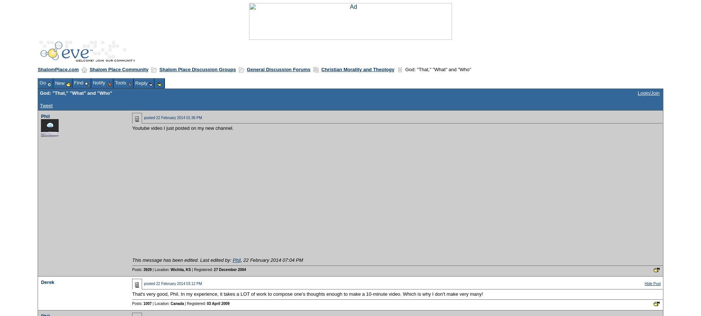 The height and width of the screenshot is (316, 701). I want to click on '03 April 2009', so click(218, 303).